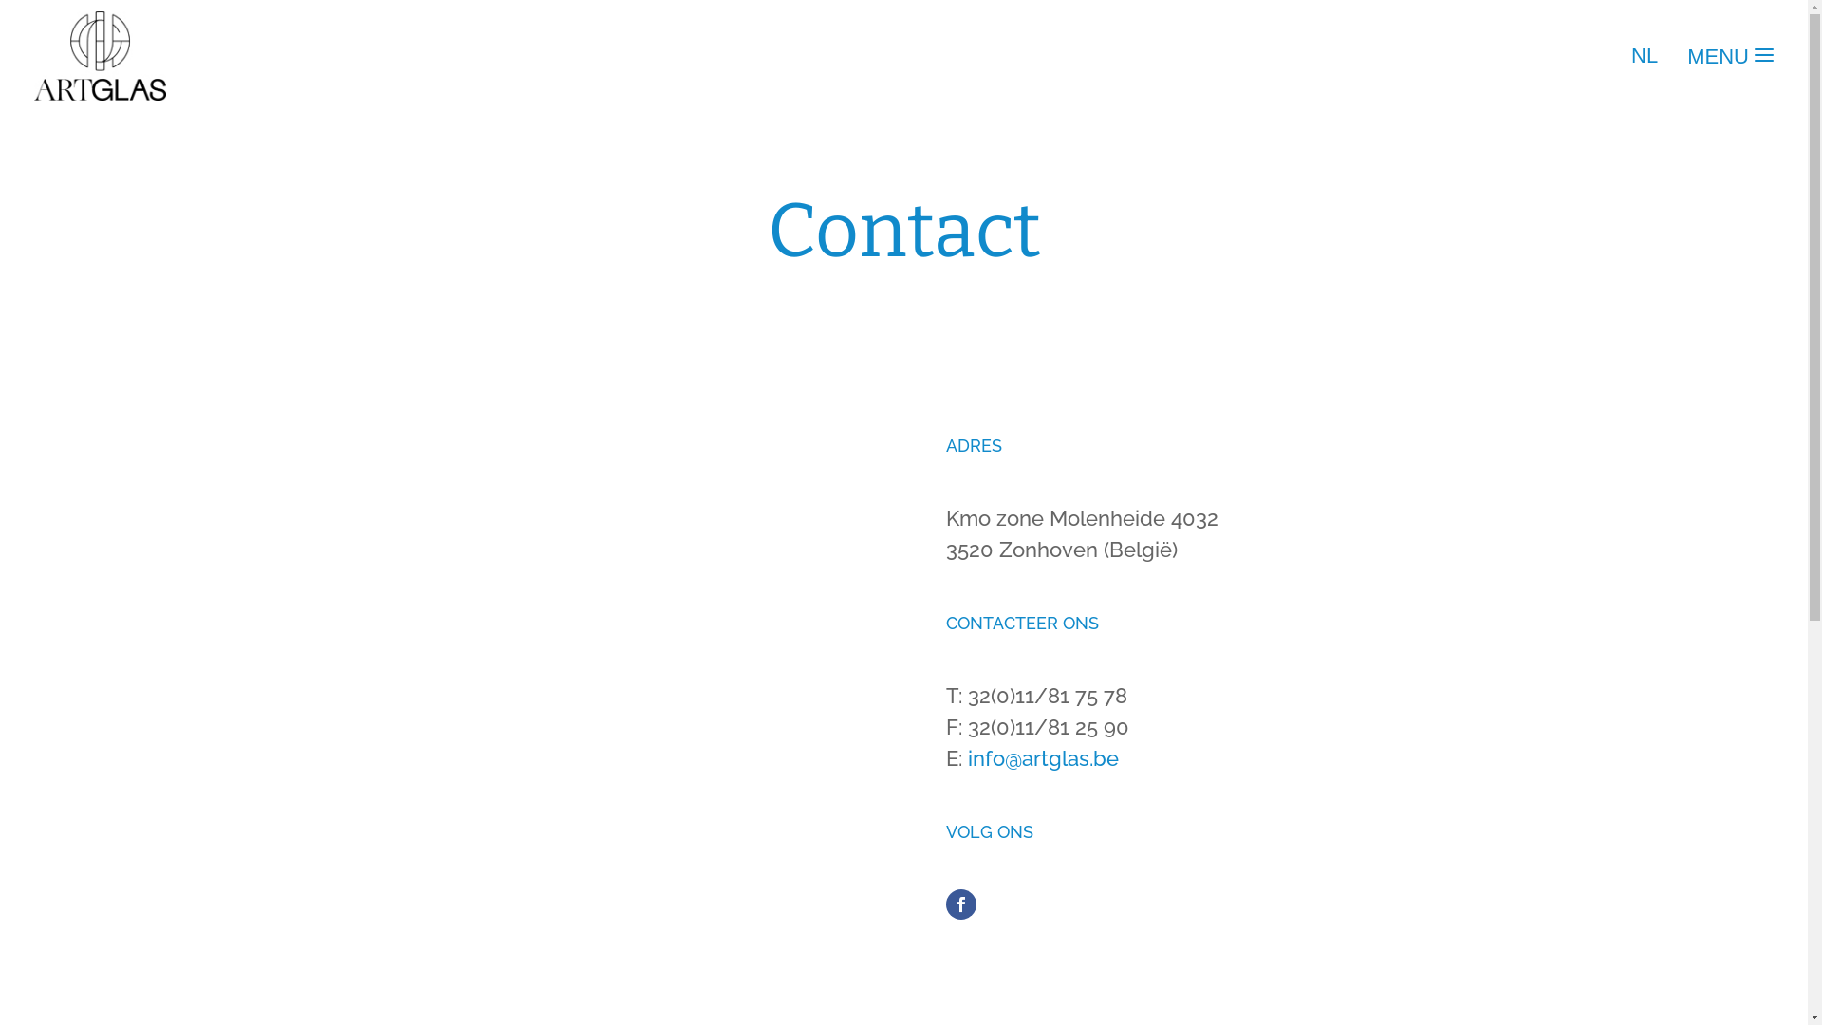 This screenshot has width=1822, height=1025. I want to click on 'facebook', so click(960, 903).